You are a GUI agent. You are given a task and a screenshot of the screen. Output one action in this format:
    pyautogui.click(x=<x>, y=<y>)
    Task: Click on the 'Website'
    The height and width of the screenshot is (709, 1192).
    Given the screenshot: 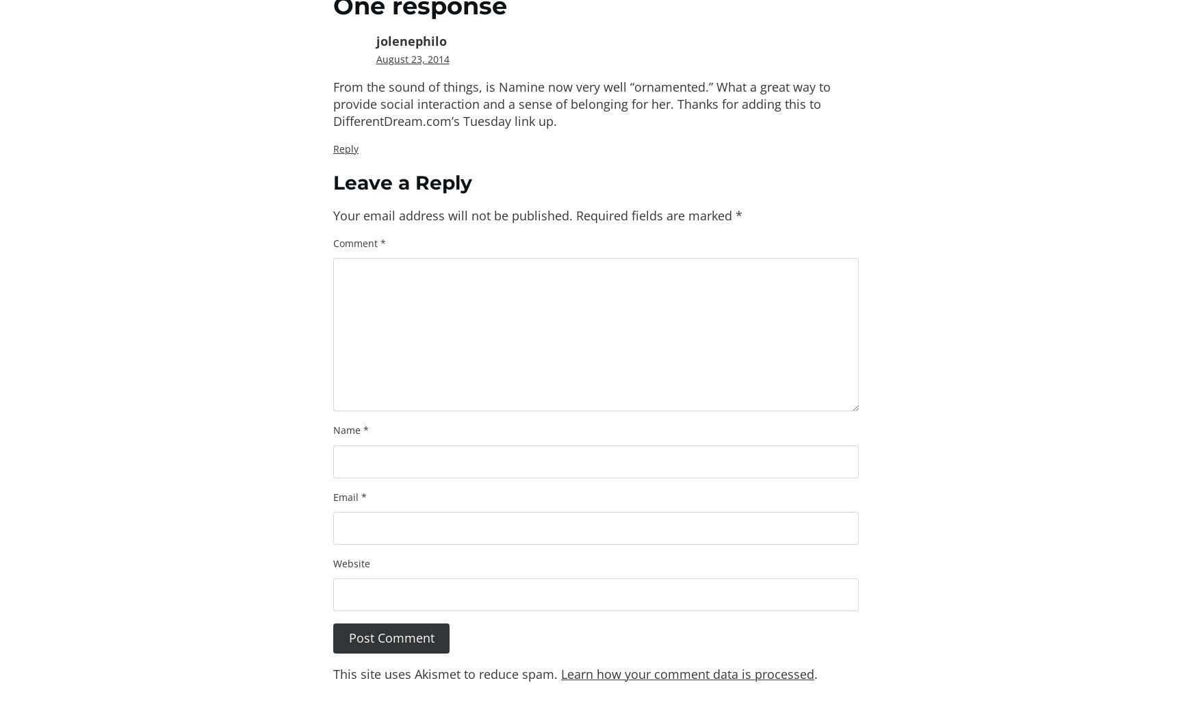 What is the action you would take?
    pyautogui.click(x=352, y=563)
    